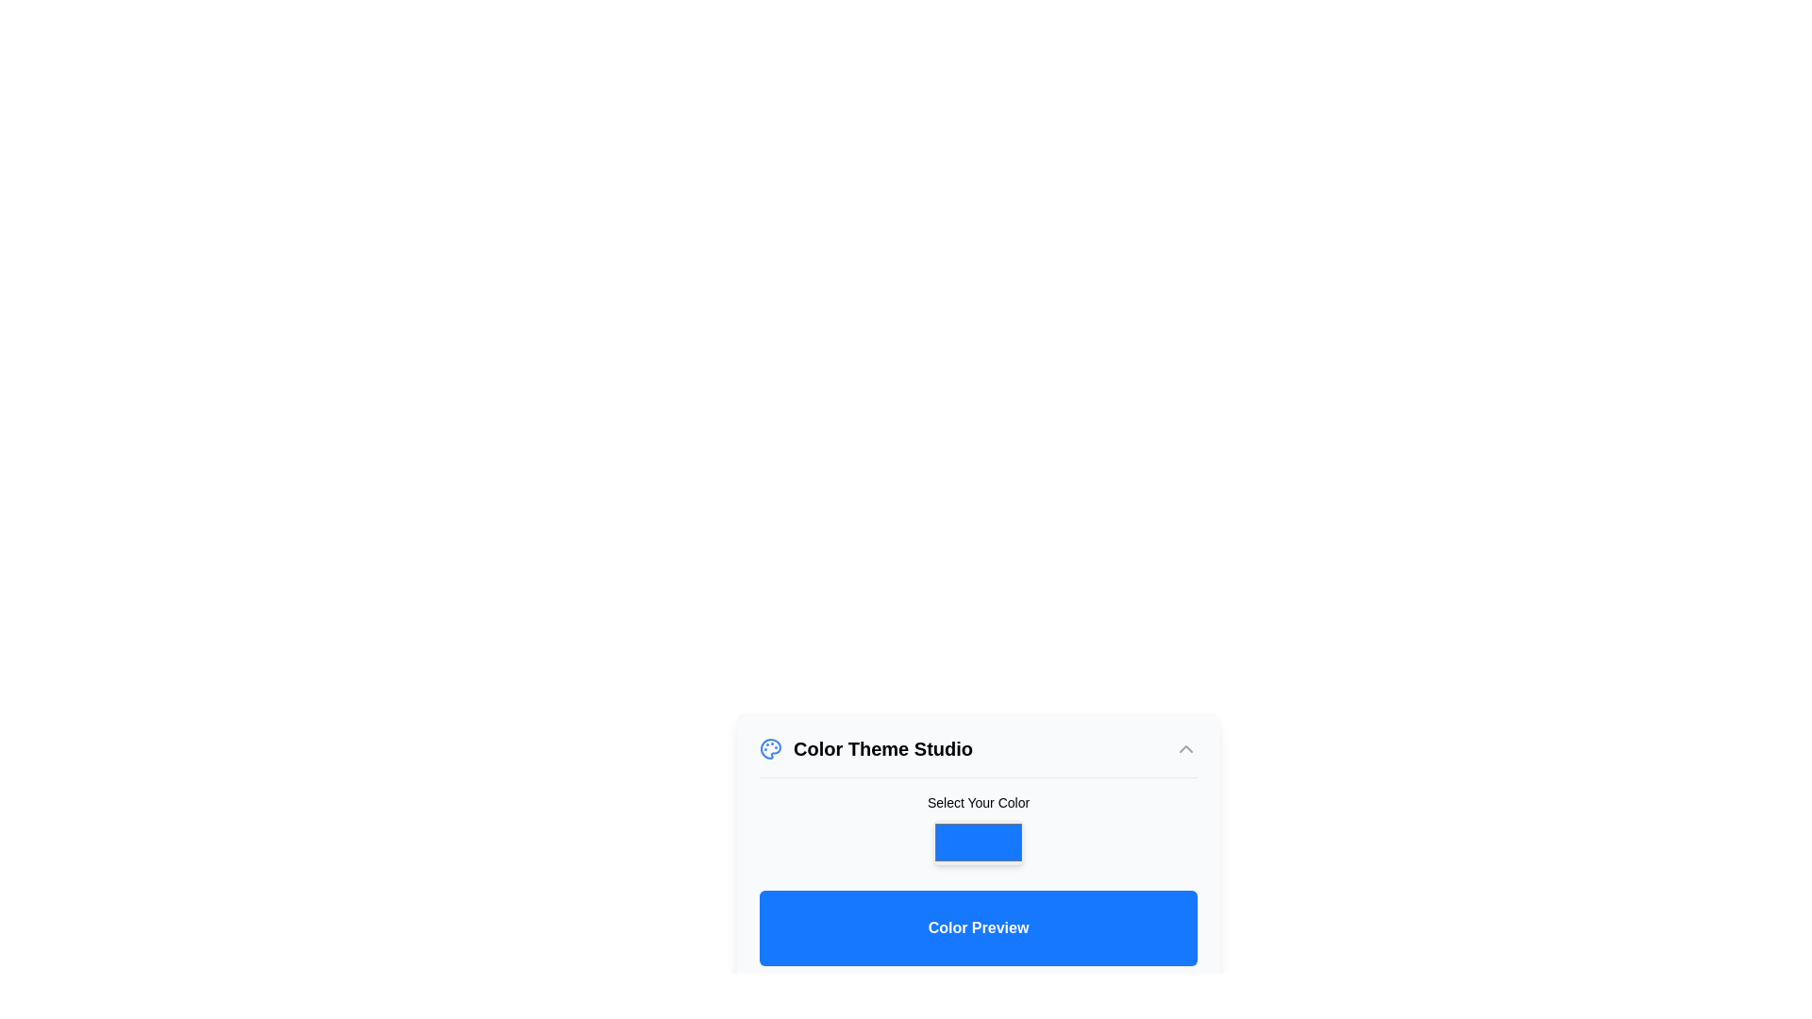  Describe the element at coordinates (978, 842) in the screenshot. I see `the rectangular color picker trigger with a bright blue background` at that location.